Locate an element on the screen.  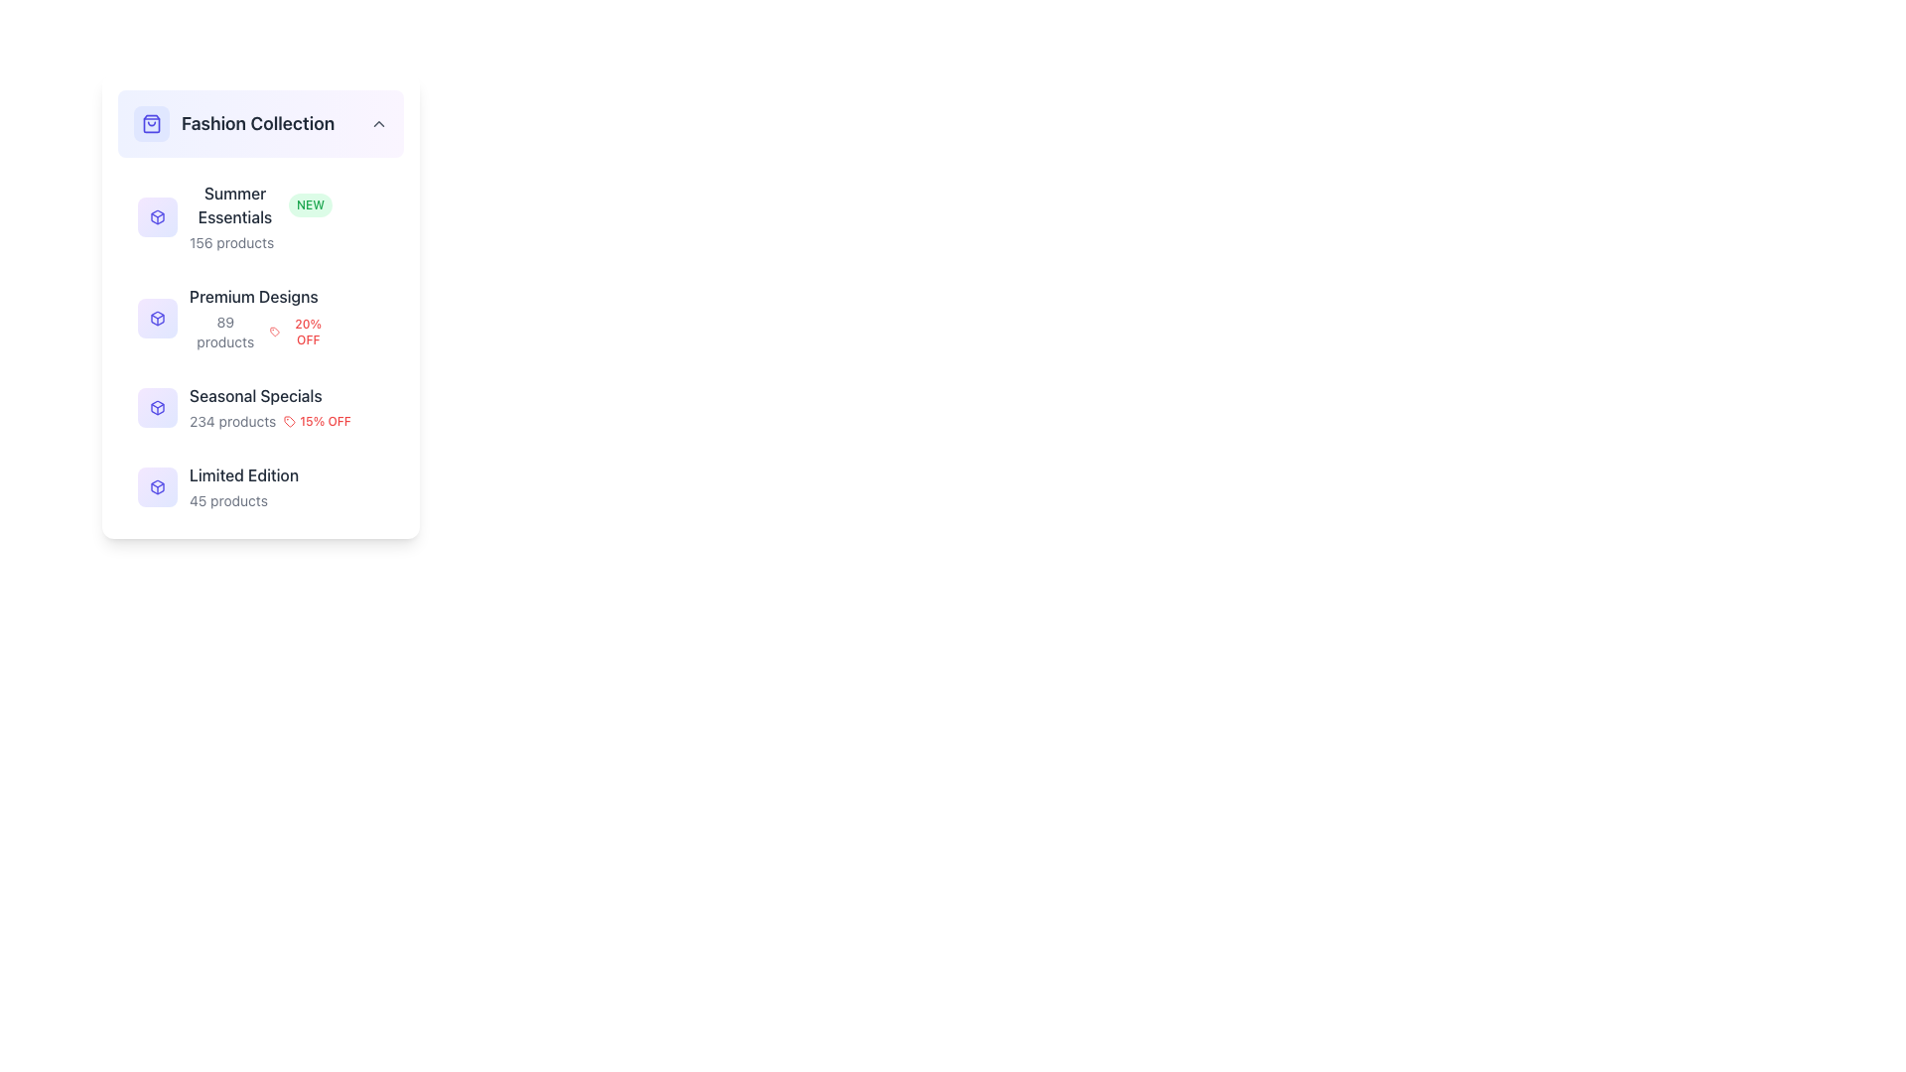
the 'Seasonal Specials' list item in the 'Fashion Collection' menu is located at coordinates (251, 407).